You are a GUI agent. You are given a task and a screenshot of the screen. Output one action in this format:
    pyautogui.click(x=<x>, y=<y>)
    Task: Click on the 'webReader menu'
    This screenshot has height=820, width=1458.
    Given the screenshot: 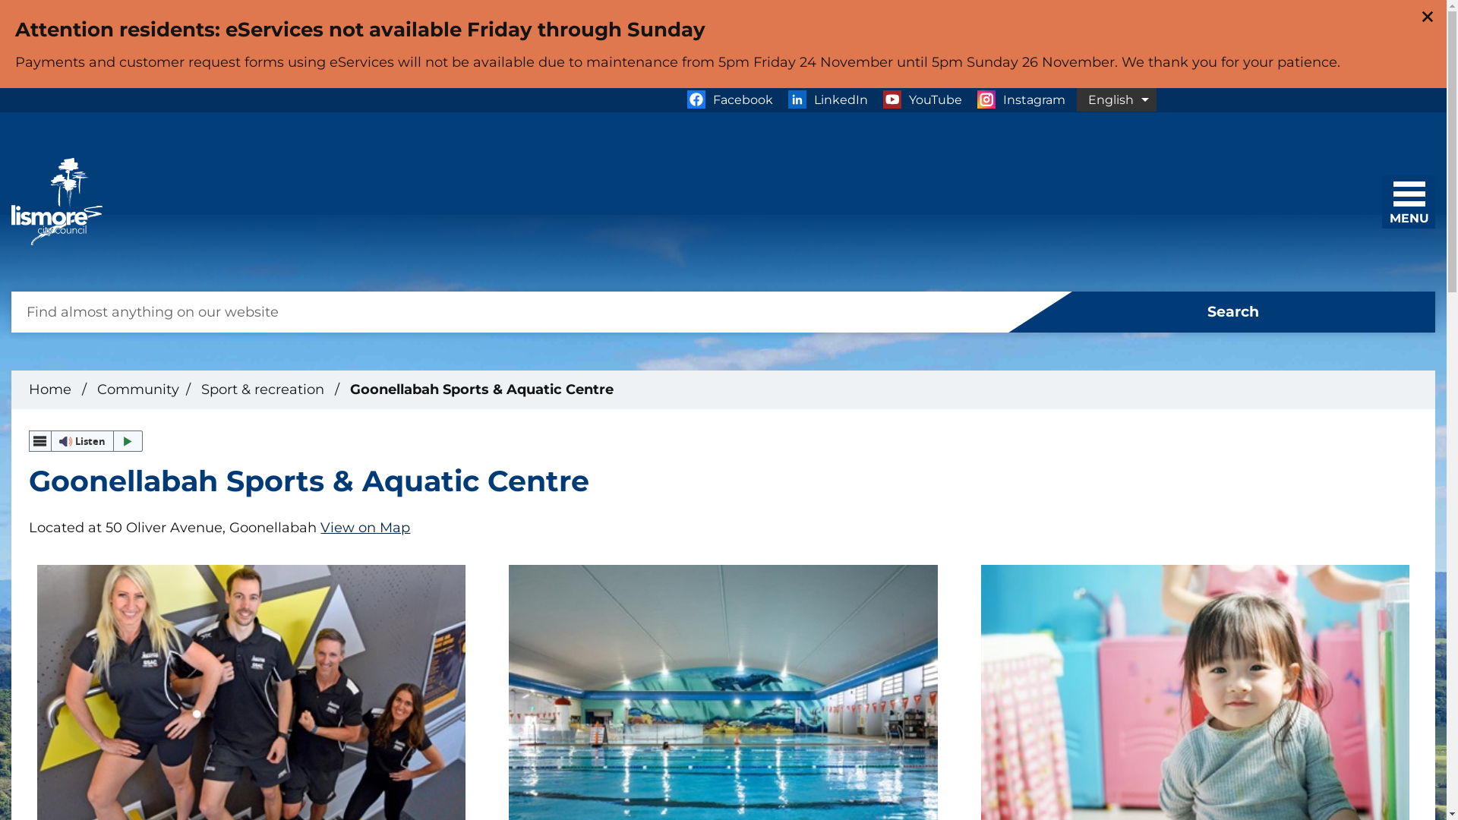 What is the action you would take?
    pyautogui.click(x=39, y=441)
    